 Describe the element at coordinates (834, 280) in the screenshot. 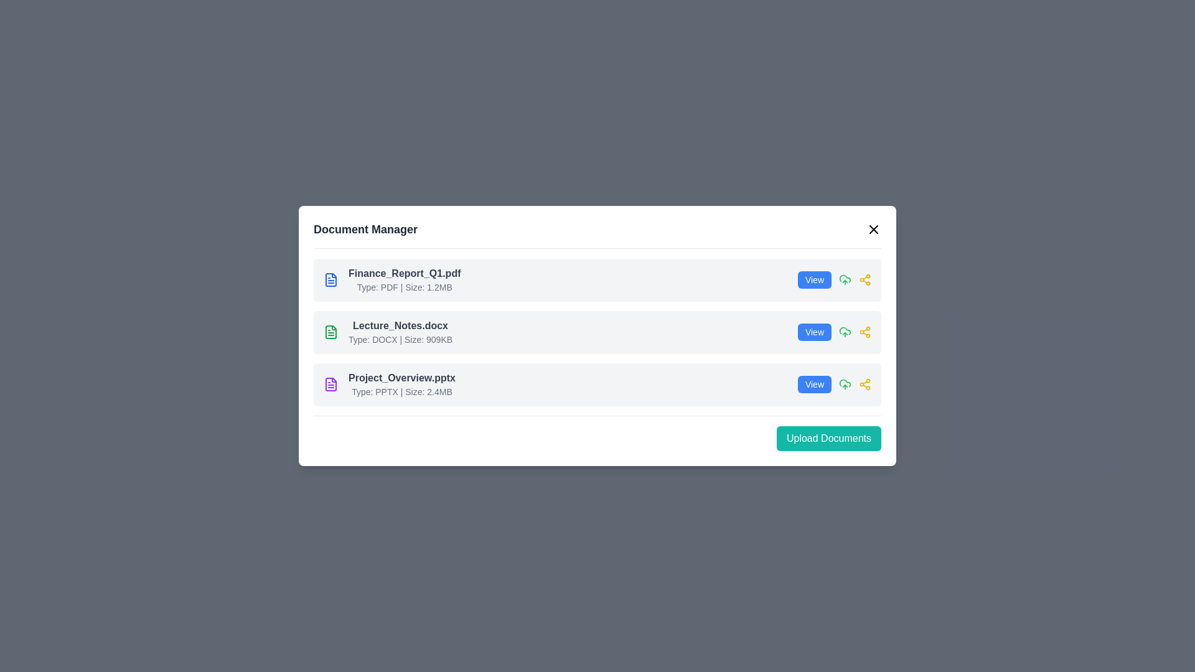

I see `the blue button labeled 'View' with white text, located in the row for 'Finance_Report_Q1.pdf'` at that location.